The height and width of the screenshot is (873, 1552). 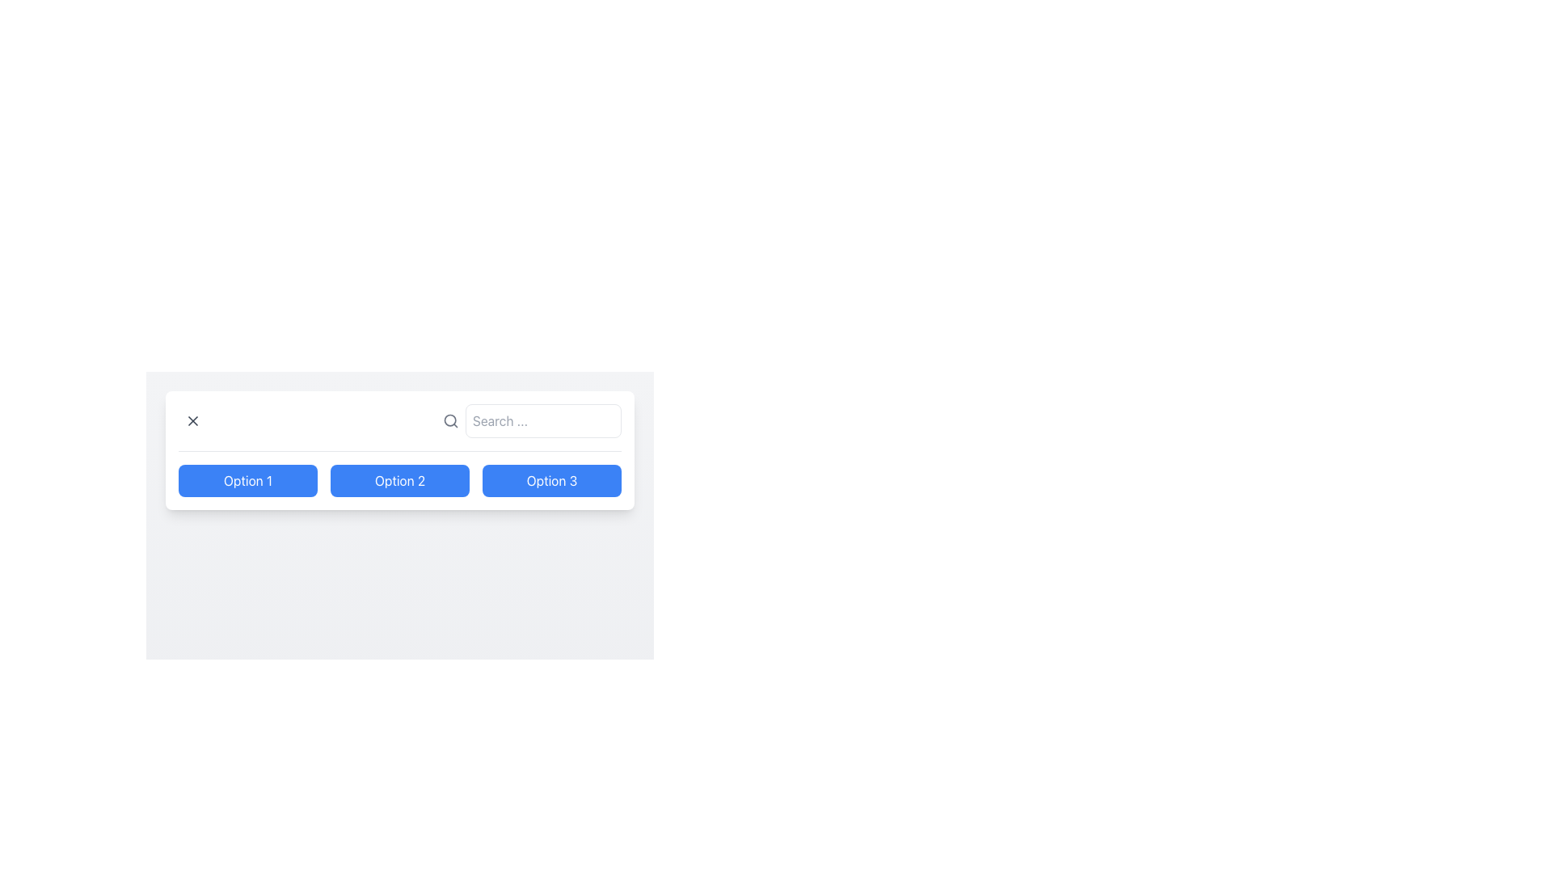 What do you see at coordinates (193, 420) in the screenshot?
I see `the close button located in the top-left corner of the search bar` at bounding box center [193, 420].